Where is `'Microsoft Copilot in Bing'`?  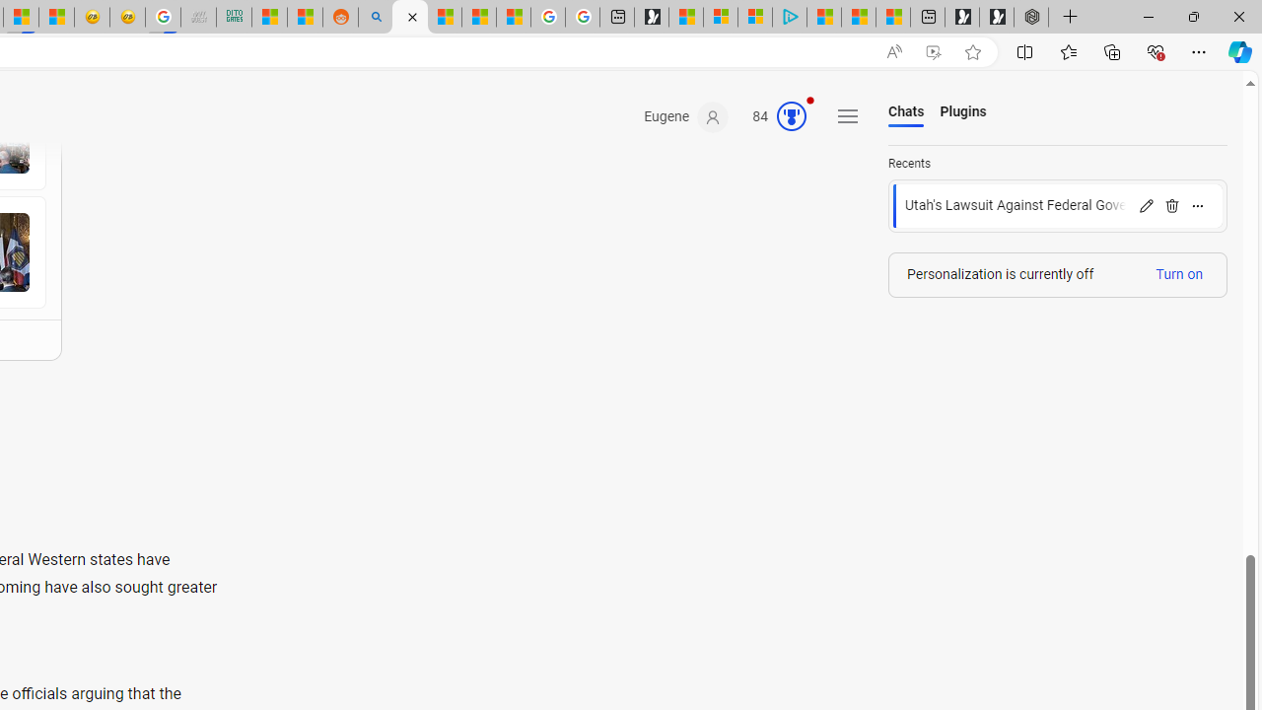 'Microsoft Copilot in Bing' is located at coordinates (409, 17).